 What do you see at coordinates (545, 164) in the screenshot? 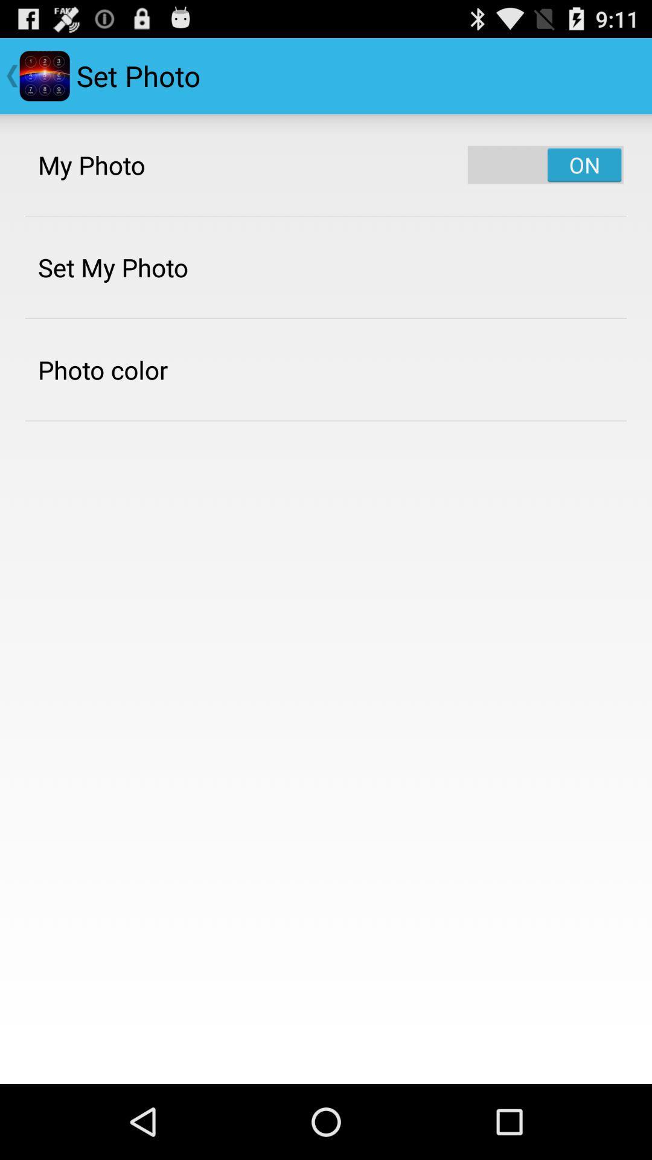
I see `app to the right of the my photo app` at bounding box center [545, 164].